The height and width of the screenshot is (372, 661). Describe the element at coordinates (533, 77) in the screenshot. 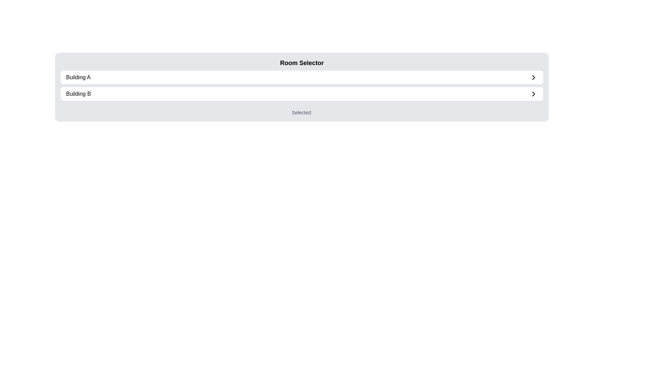

I see `the chevron icon located at the far right side of the 'Building A' row` at that location.